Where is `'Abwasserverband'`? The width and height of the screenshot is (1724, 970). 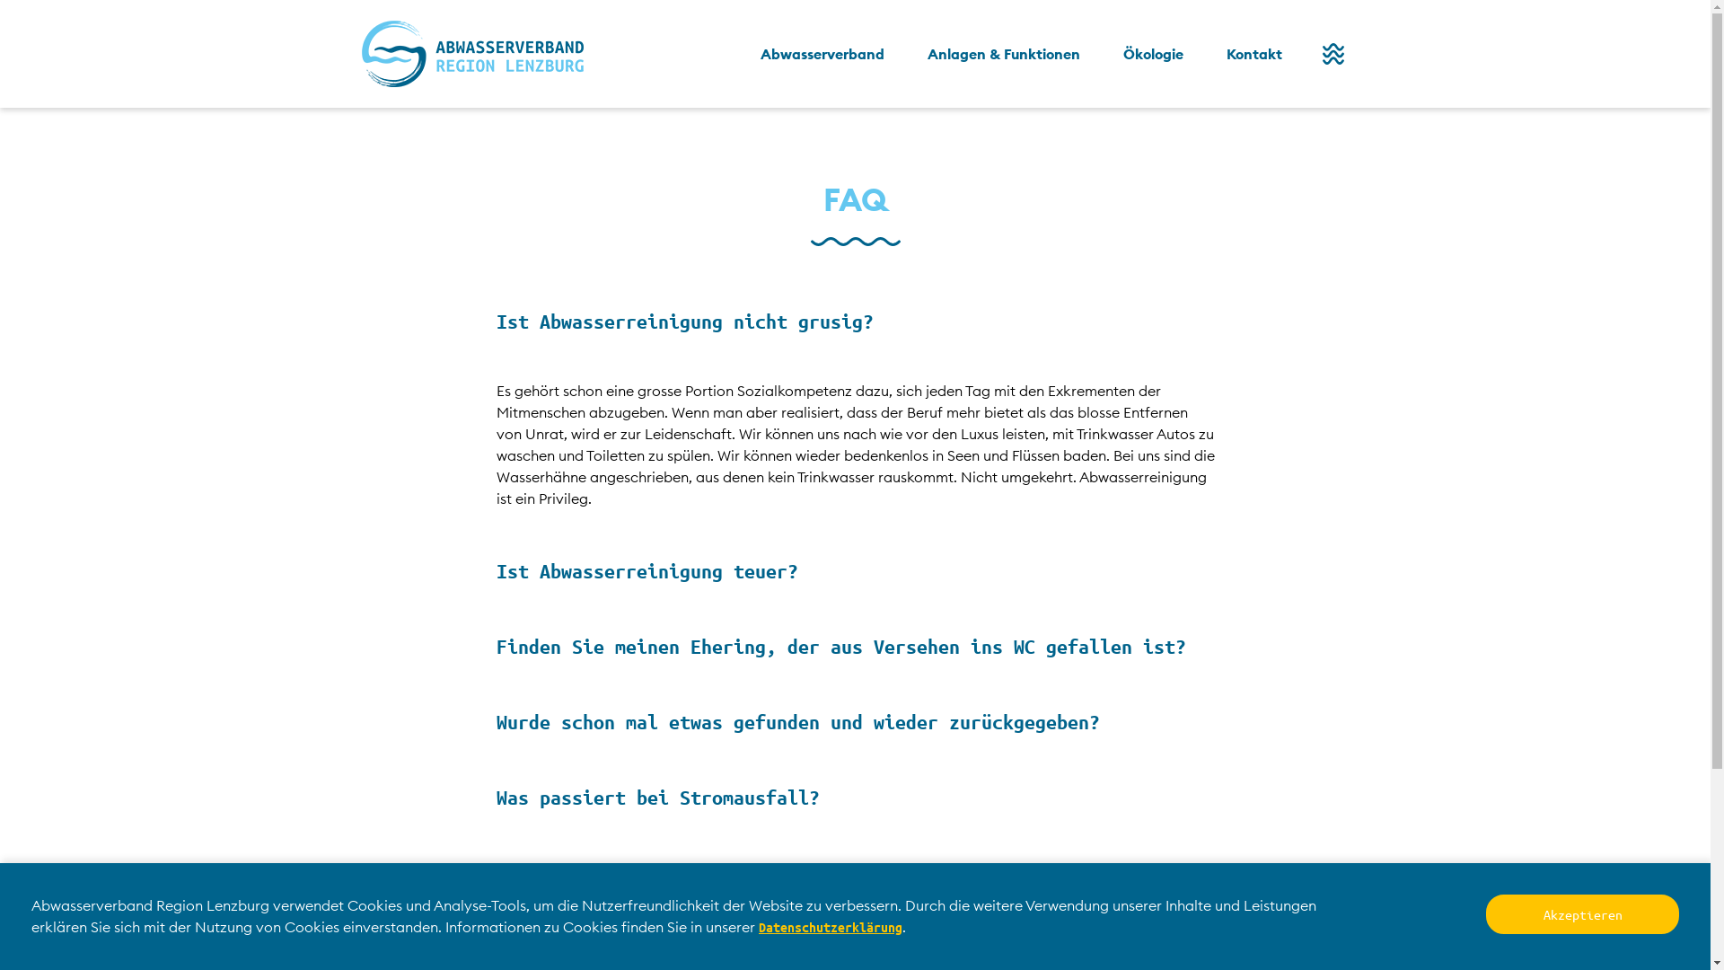
'Abwasserverband' is located at coordinates (821, 53).